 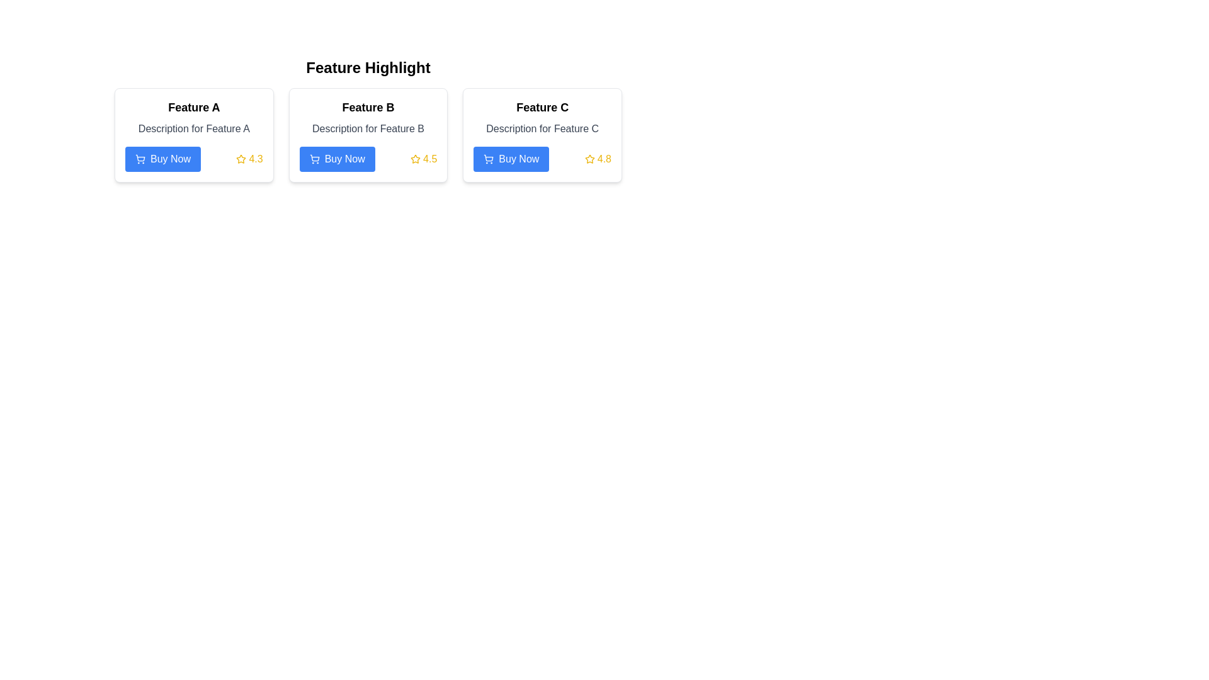 What do you see at coordinates (140, 159) in the screenshot?
I see `the shopping cart icon, which is styled in white against a blue background and is positioned to the left of the 'Buy Now' button within the 'Feature A' card` at bounding box center [140, 159].